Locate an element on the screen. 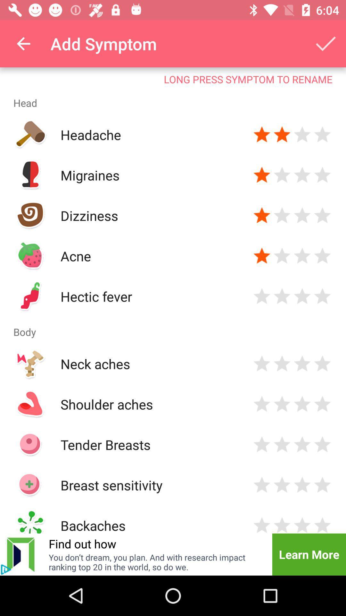 The width and height of the screenshot is (346, 616). star rating is located at coordinates (322, 444).